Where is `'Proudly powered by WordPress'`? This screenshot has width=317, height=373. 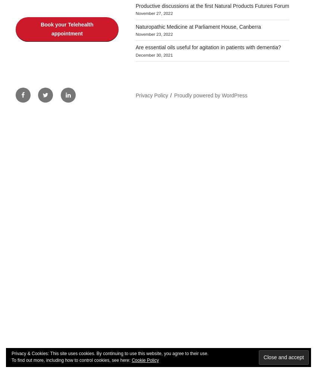
'Proudly powered by WordPress' is located at coordinates (210, 95).